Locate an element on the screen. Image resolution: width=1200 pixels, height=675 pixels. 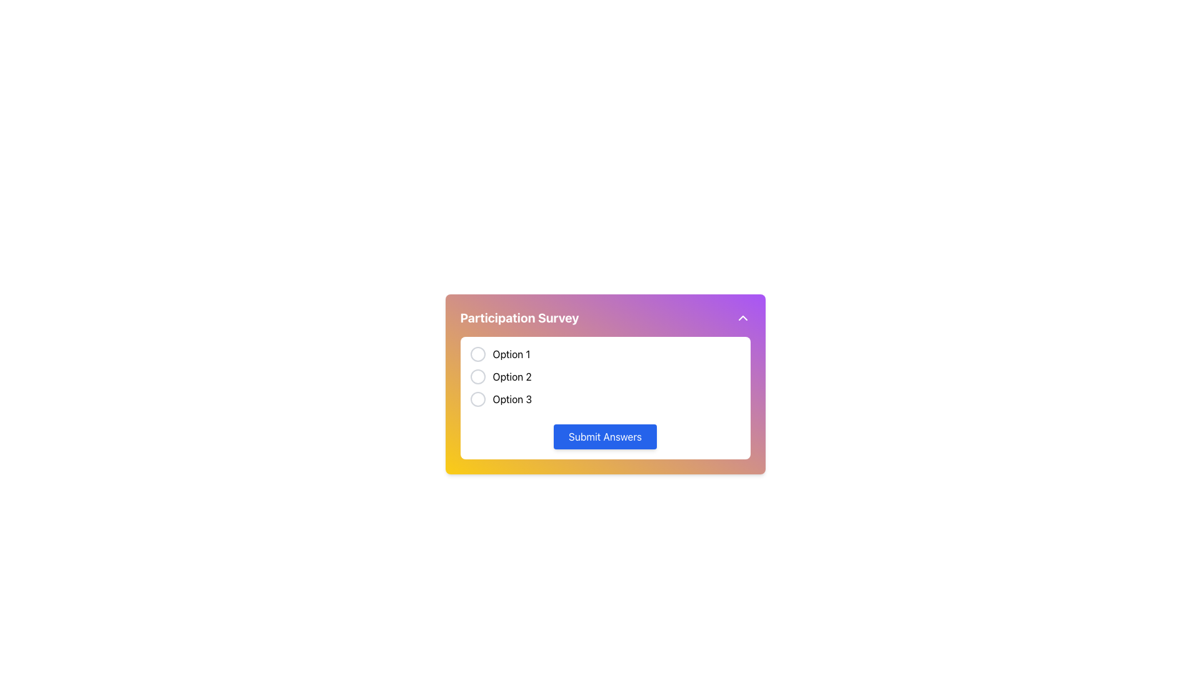
the text label that identifies the second radio button in the vertical list of options, to associate it with its corresponding radio button is located at coordinates (512, 376).